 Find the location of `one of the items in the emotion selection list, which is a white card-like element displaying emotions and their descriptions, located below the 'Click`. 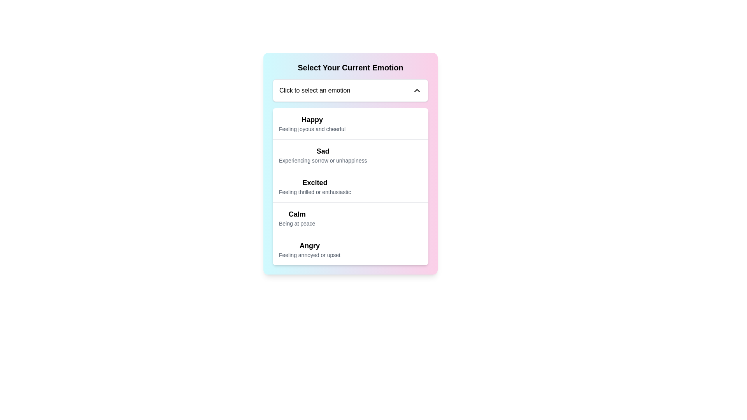

one of the items in the emotion selection list, which is a white card-like element displaying emotions and their descriptions, located below the 'Click is located at coordinates (350, 186).